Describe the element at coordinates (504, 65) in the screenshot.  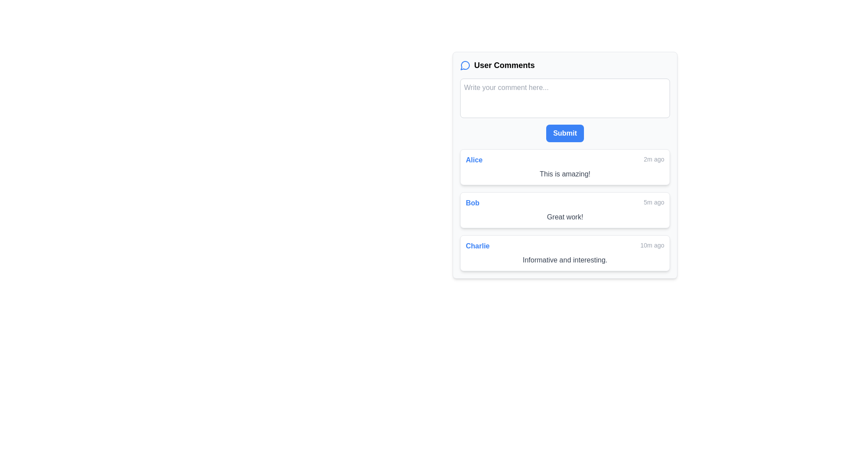
I see `the 'User Comments' text label` at that location.